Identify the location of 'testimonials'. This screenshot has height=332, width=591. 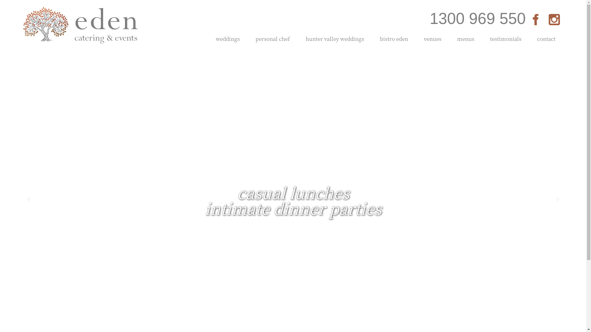
(506, 39).